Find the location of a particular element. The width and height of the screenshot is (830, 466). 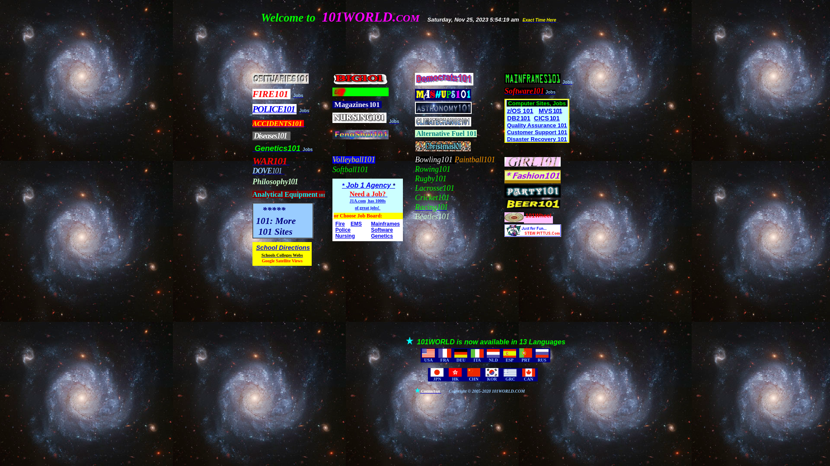

'KOR' is located at coordinates (492, 378).